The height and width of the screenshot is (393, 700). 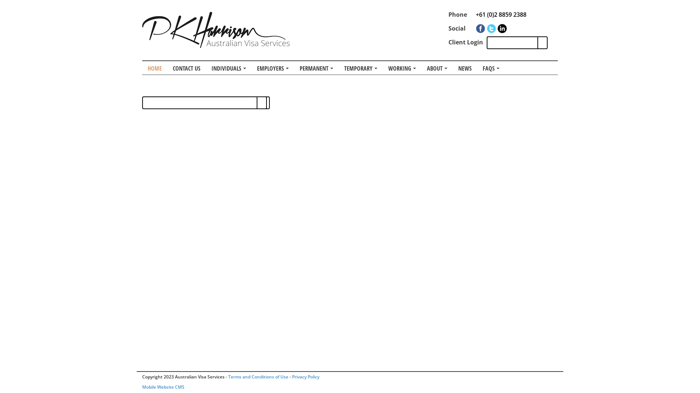 What do you see at coordinates (502, 28) in the screenshot?
I see `'LinkedIn'` at bounding box center [502, 28].